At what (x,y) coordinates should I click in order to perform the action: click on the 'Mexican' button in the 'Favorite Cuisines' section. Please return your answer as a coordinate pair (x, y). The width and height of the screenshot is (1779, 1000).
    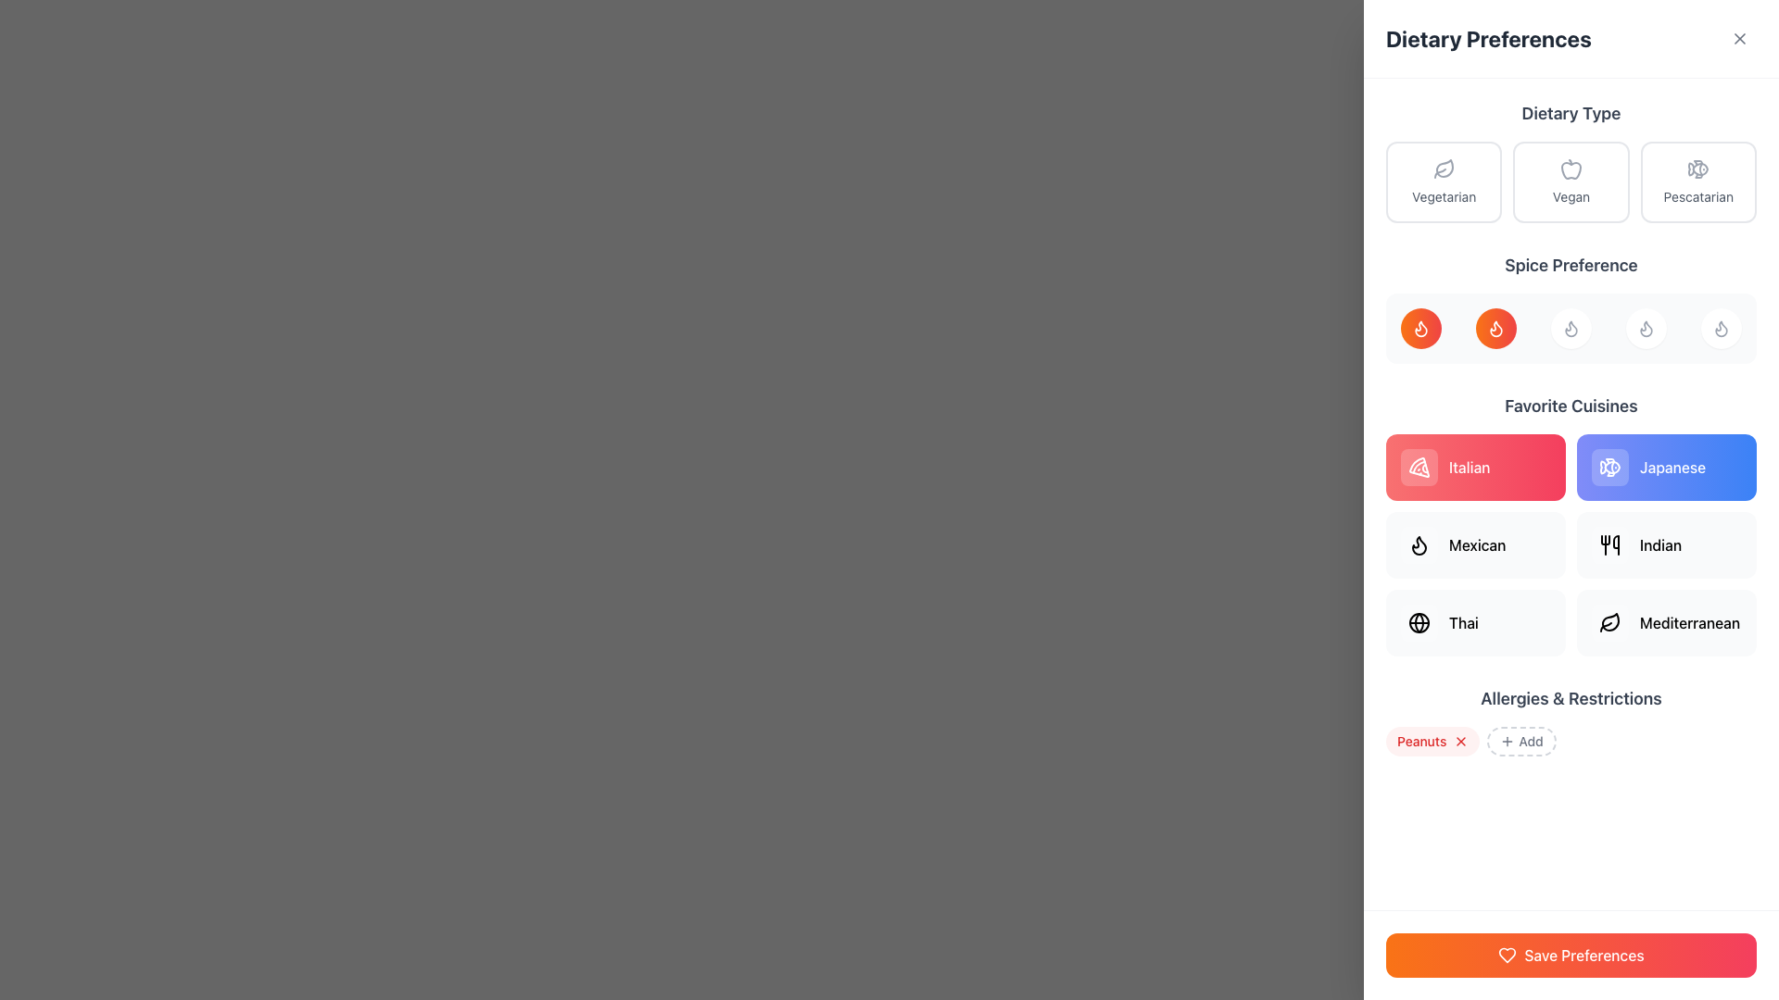
    Looking at the image, I should click on (1475, 544).